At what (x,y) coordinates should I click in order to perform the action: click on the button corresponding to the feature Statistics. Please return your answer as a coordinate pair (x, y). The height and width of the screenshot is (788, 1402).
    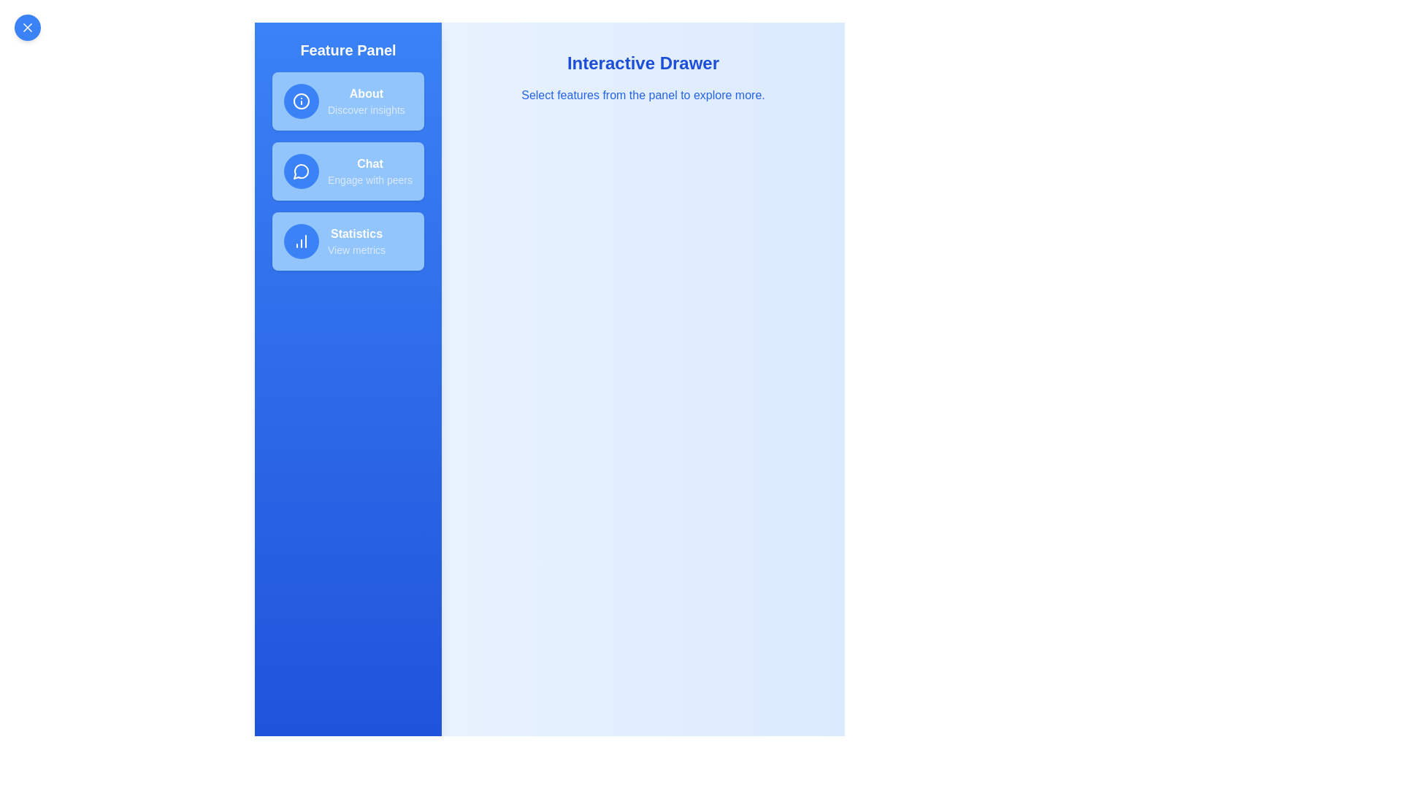
    Looking at the image, I should click on (347, 241).